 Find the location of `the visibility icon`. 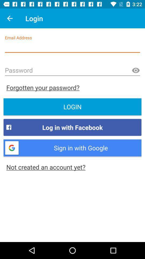

the visibility icon is located at coordinates (135, 70).